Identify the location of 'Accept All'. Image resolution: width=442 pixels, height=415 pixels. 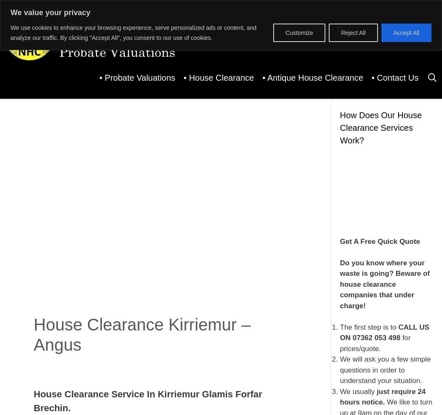
(405, 32).